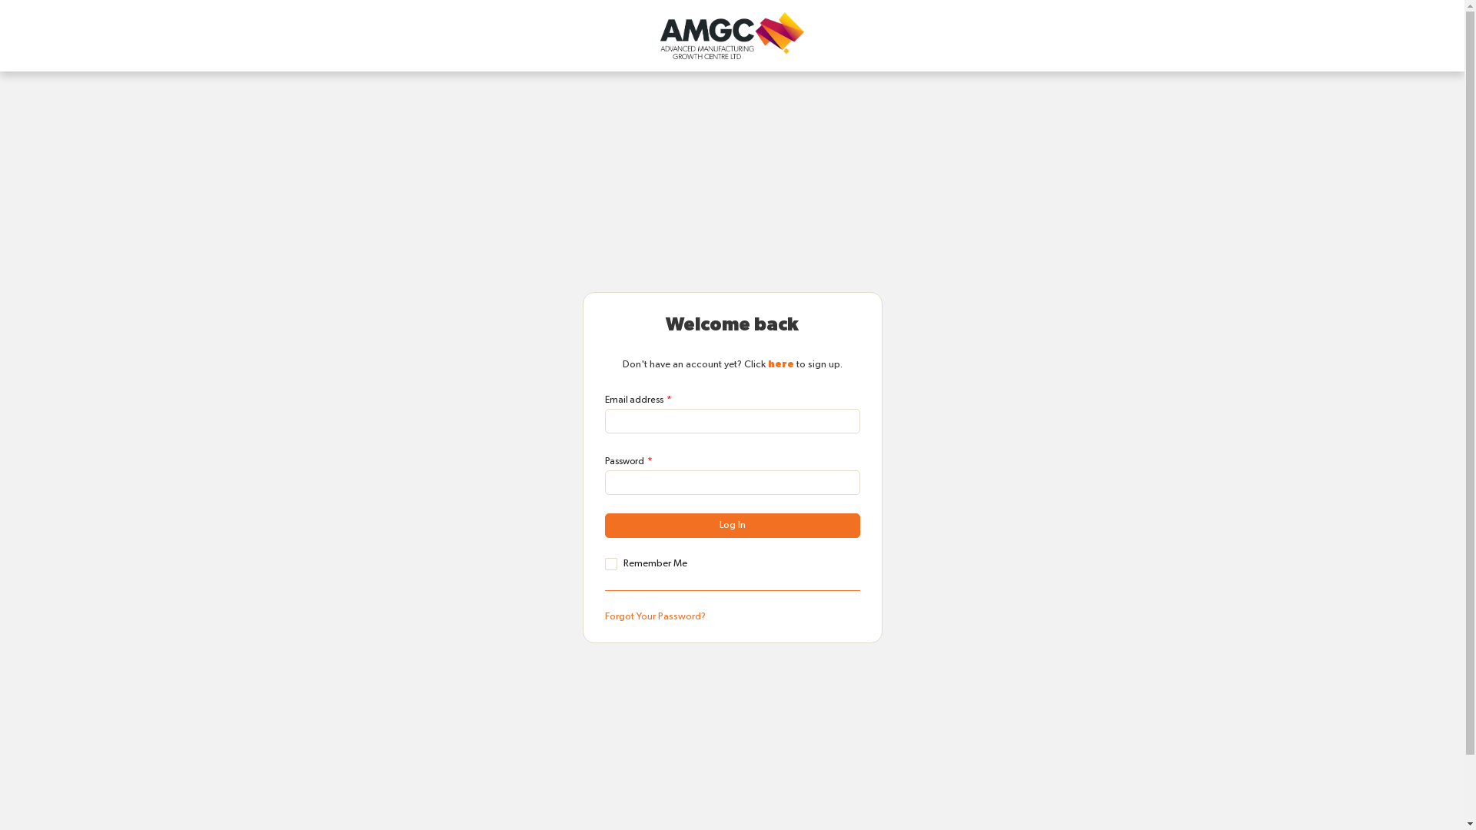  I want to click on 'Log In', so click(730, 524).